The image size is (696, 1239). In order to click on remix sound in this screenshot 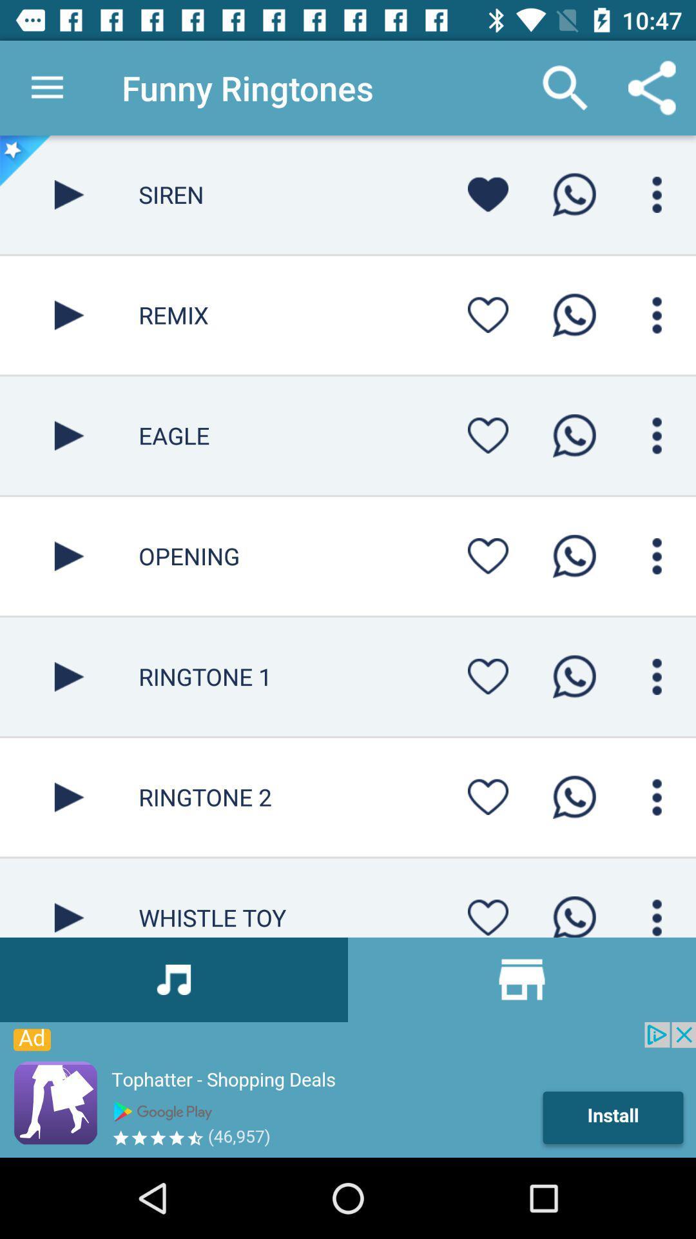, I will do `click(69, 315)`.